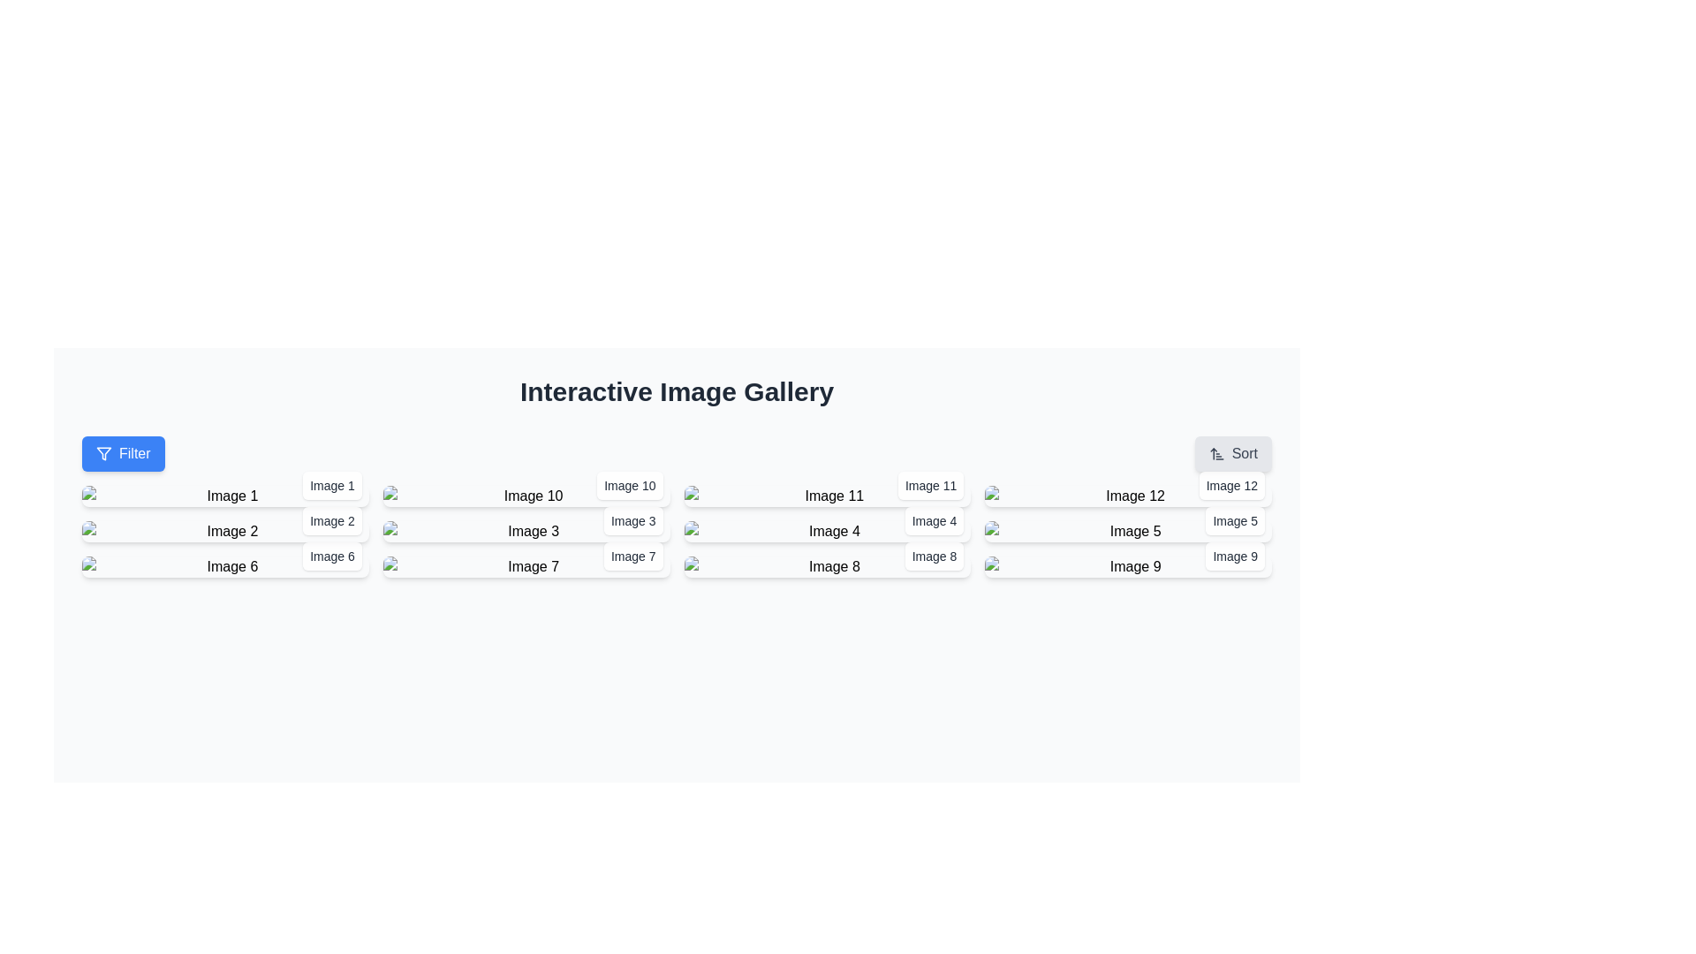 This screenshot has height=954, width=1696. I want to click on text of the label displaying 'Image 7' located in the lower right corner of the image gallery, so click(633, 555).